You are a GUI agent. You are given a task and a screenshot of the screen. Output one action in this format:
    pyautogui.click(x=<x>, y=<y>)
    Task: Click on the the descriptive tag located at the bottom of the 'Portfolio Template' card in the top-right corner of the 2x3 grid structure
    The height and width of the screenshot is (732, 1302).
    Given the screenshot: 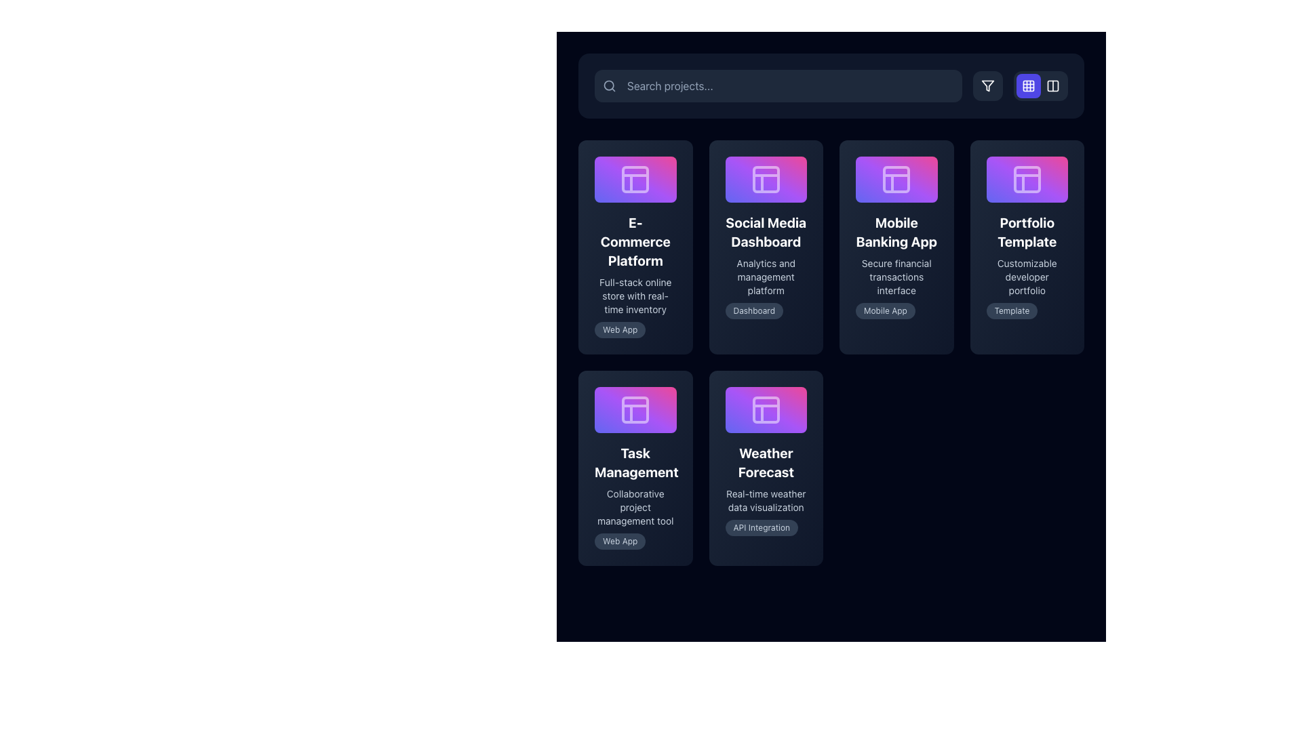 What is the action you would take?
    pyautogui.click(x=1012, y=310)
    